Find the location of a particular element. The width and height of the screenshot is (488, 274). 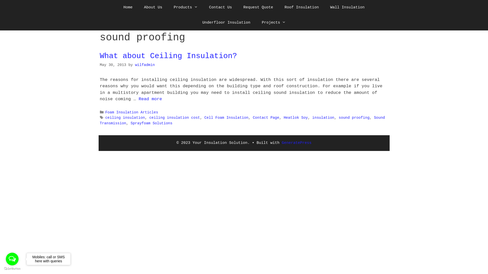

'Heatlok Soy' is located at coordinates (296, 117).